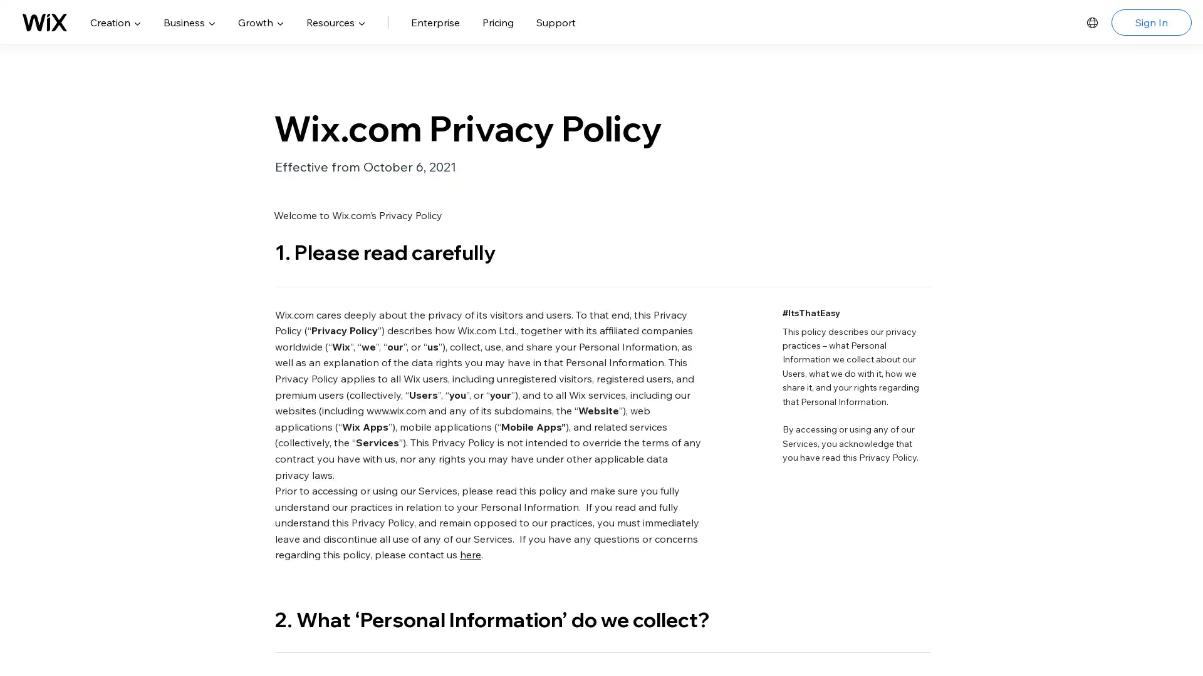 This screenshot has height=676, width=1203. I want to click on Resources, so click(336, 21).